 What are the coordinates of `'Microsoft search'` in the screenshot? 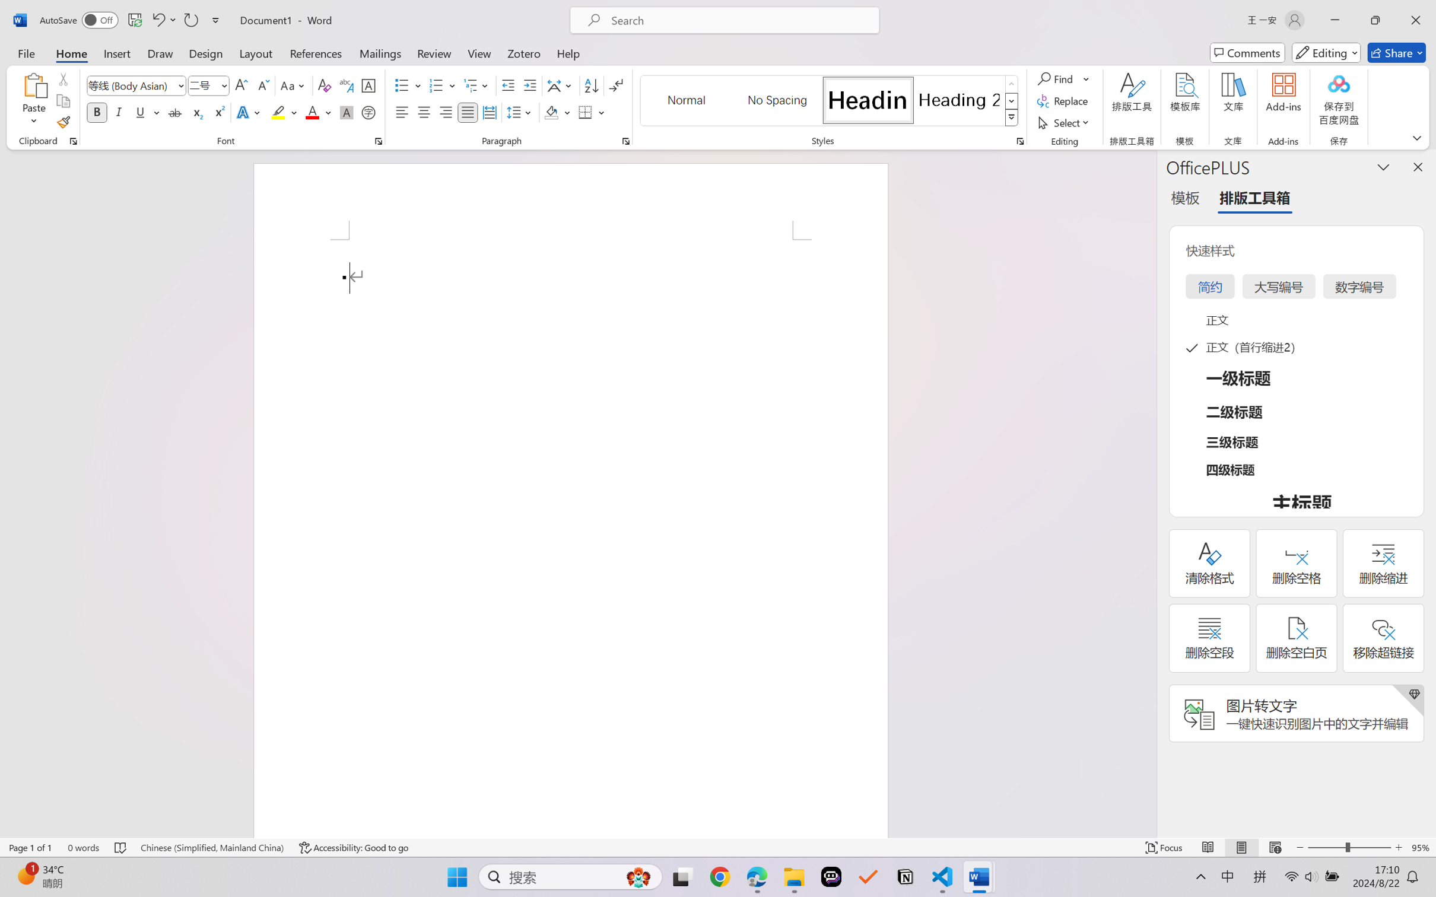 It's located at (739, 20).